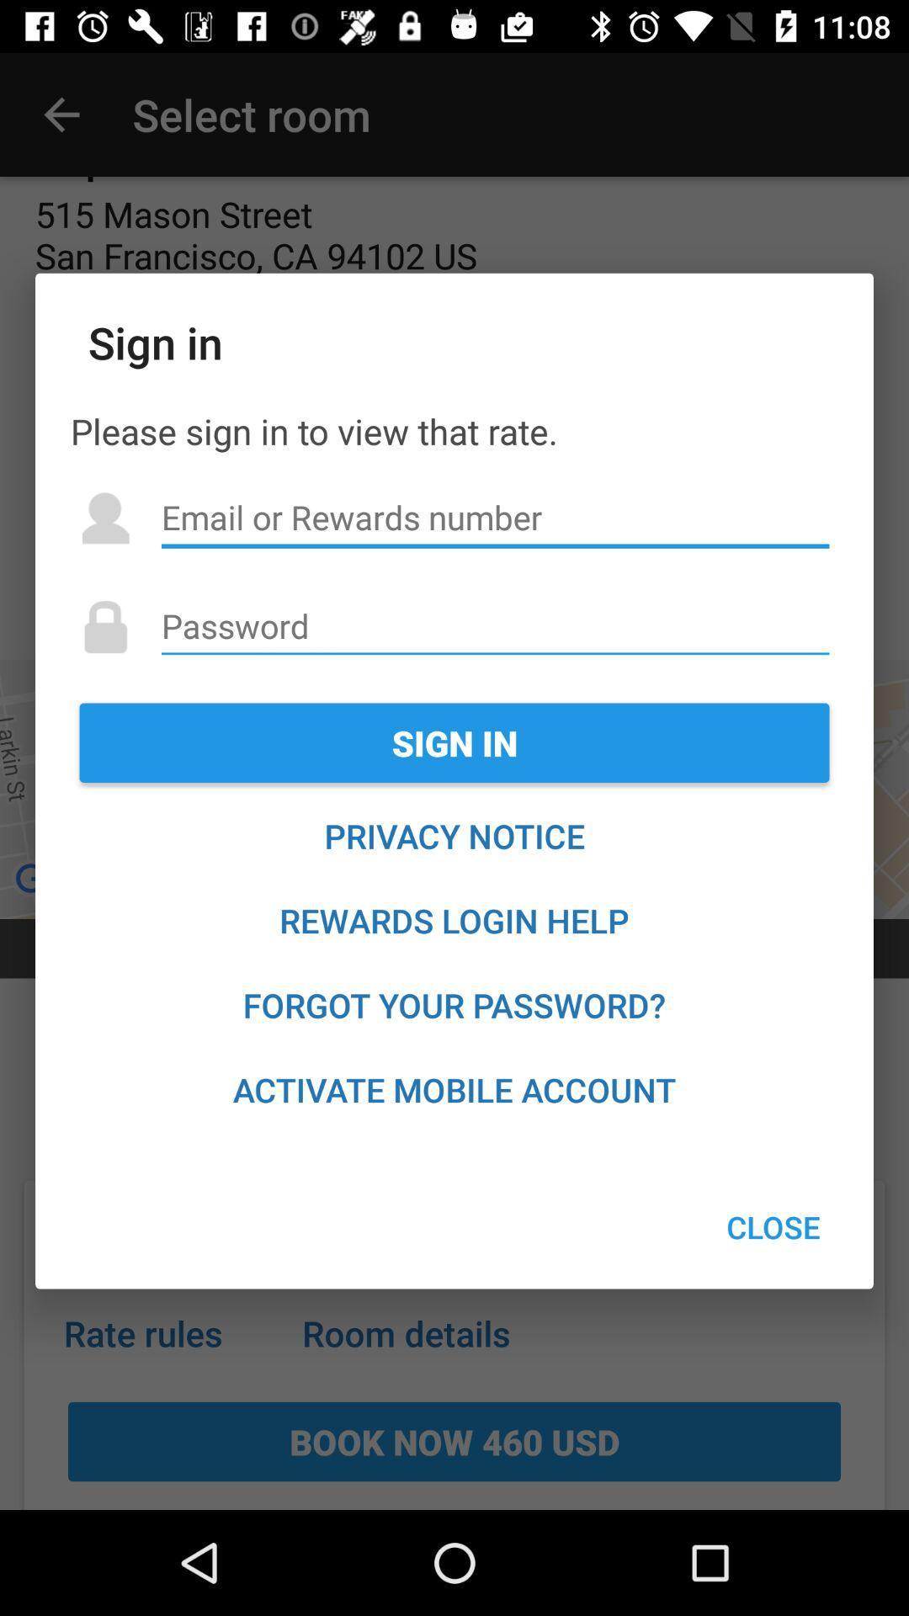  I want to click on the item below sign in item, so click(454, 836).